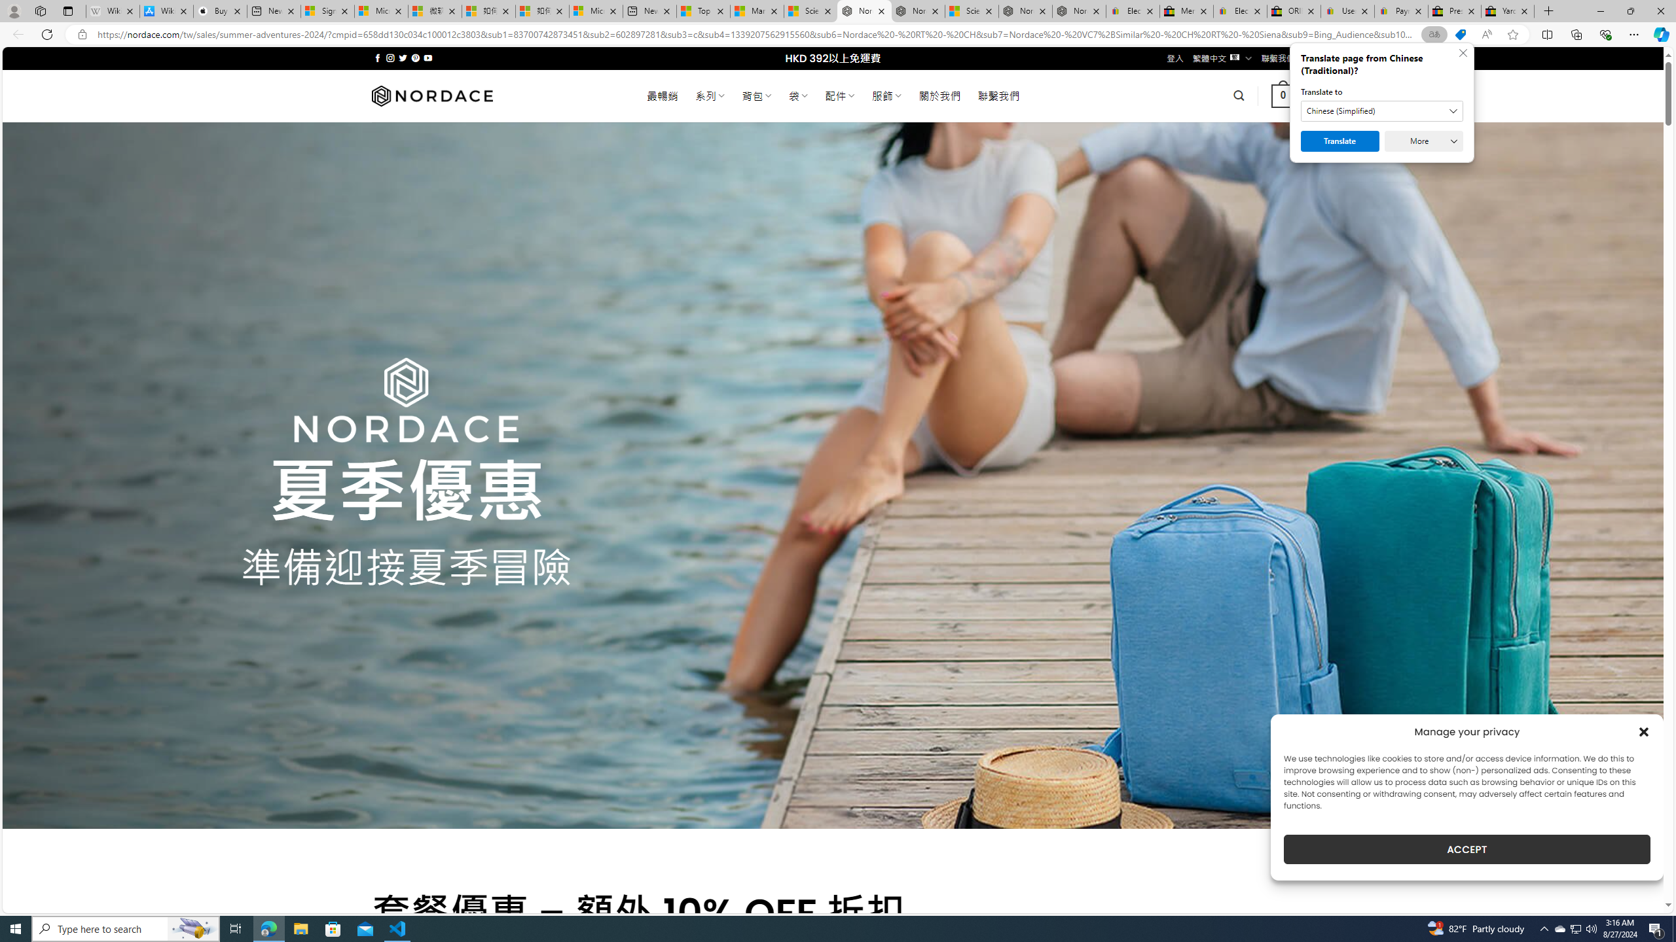 The height and width of the screenshot is (942, 1676). Describe the element at coordinates (1423, 141) in the screenshot. I see `'More'` at that location.